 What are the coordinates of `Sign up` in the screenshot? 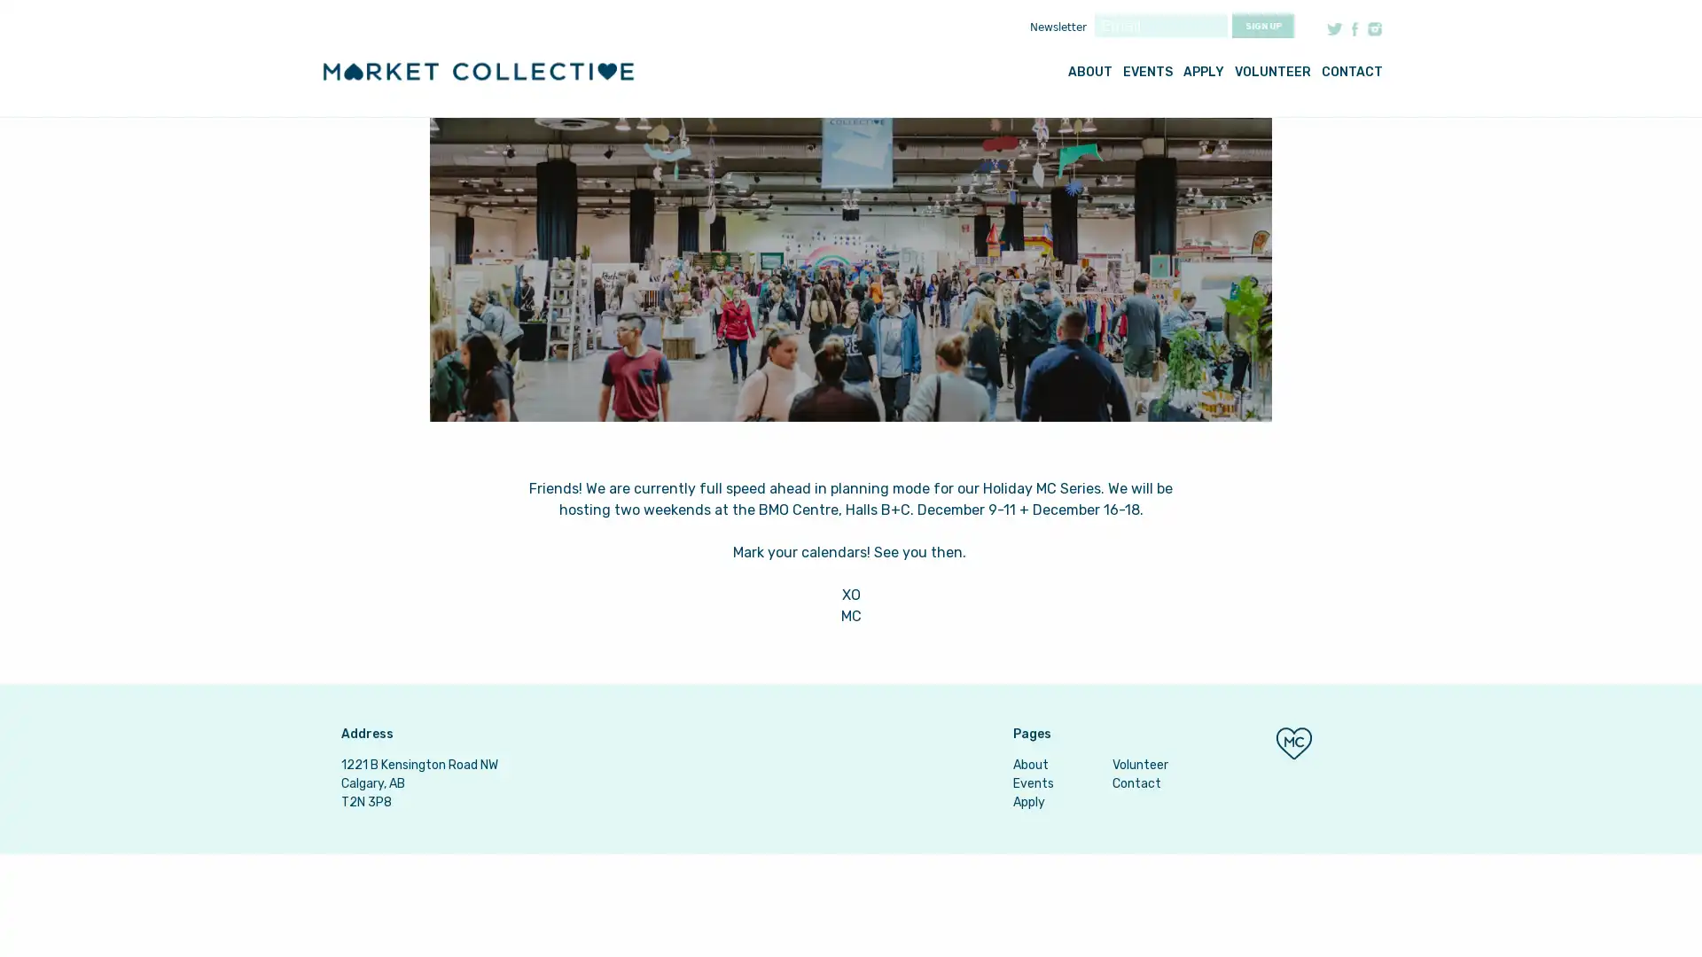 It's located at (1262, 26).